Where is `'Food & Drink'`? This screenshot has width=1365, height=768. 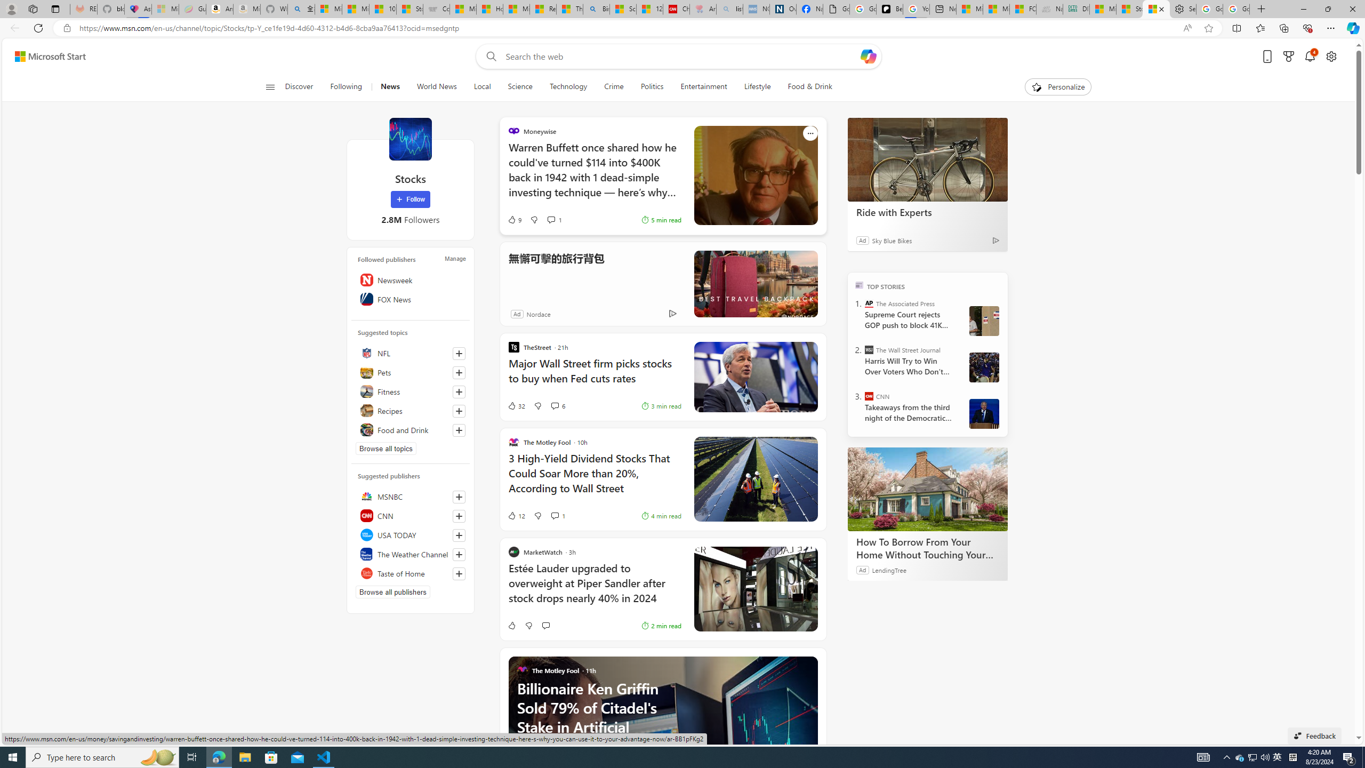 'Food & Drink' is located at coordinates (806, 86).